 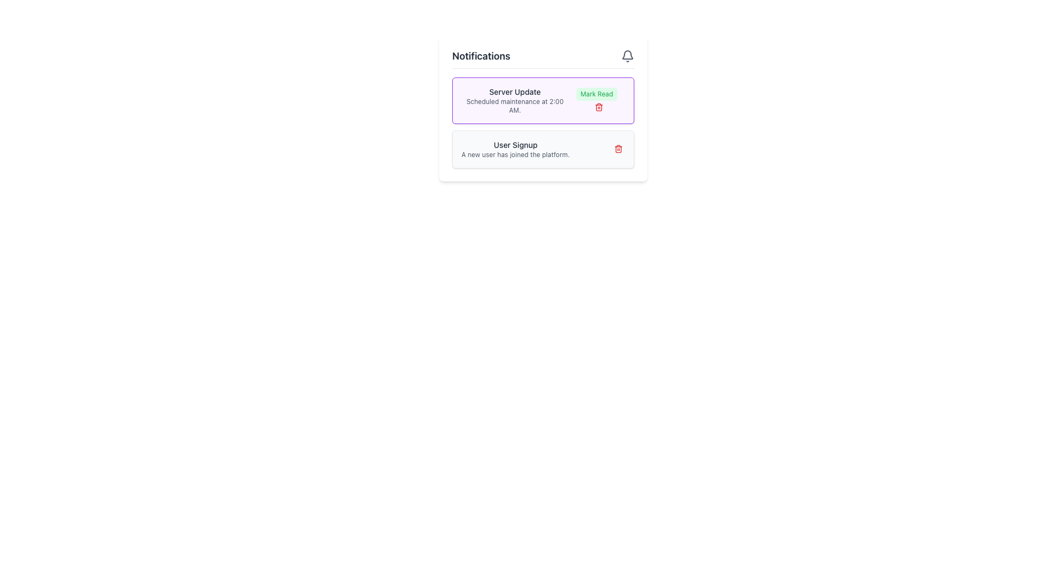 What do you see at coordinates (514, 106) in the screenshot?
I see `the text snippet that reads 'Scheduled maintenance at 2:00 AM.' which is styled in light gray and located directly below the 'Server Update' title` at bounding box center [514, 106].